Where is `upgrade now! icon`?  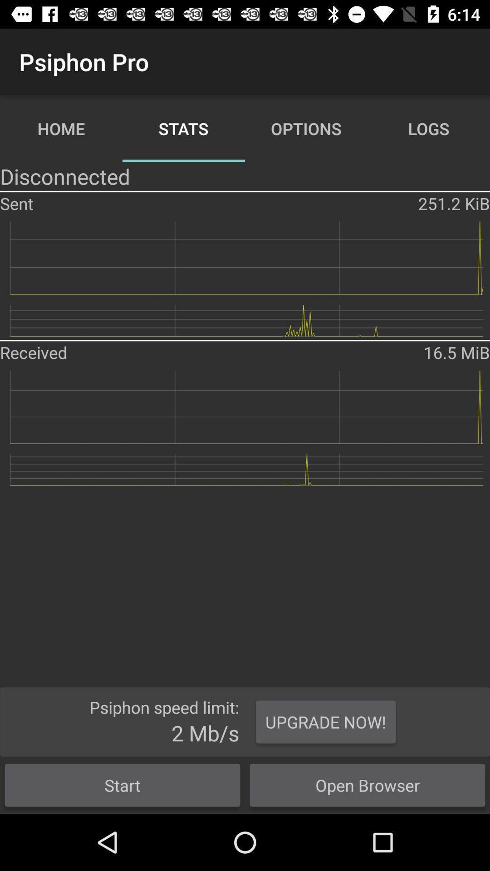
upgrade now! icon is located at coordinates (325, 721).